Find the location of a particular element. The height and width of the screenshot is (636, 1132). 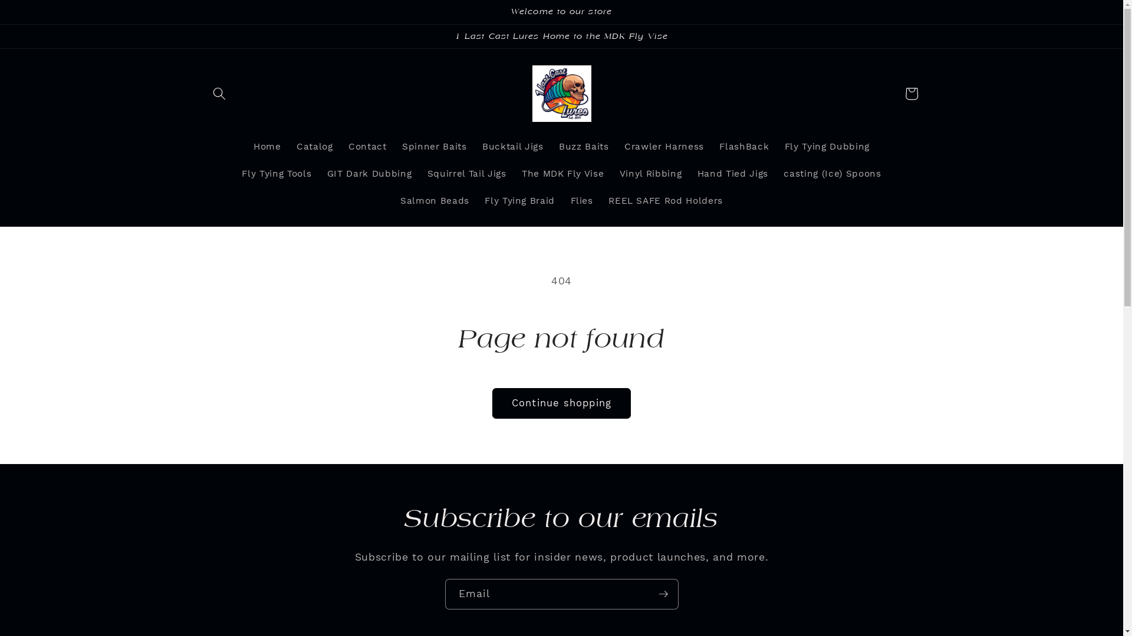

'Cart' is located at coordinates (910, 92).